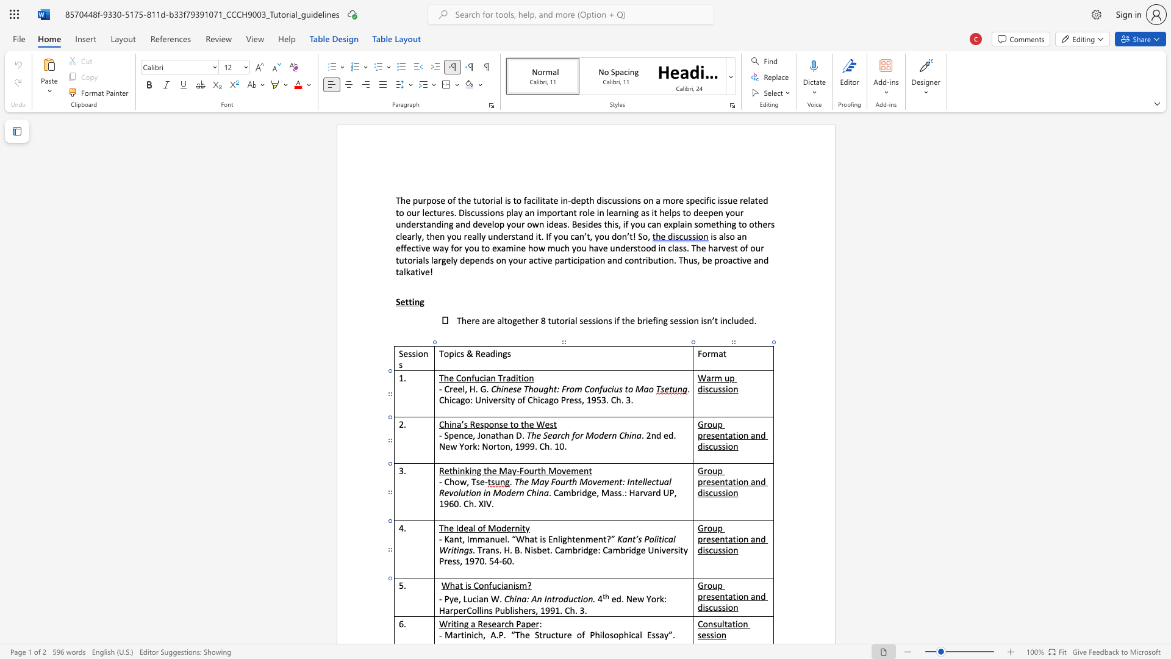 This screenshot has height=659, width=1171. What do you see at coordinates (514, 585) in the screenshot?
I see `the 3th character "i" in the text` at bounding box center [514, 585].